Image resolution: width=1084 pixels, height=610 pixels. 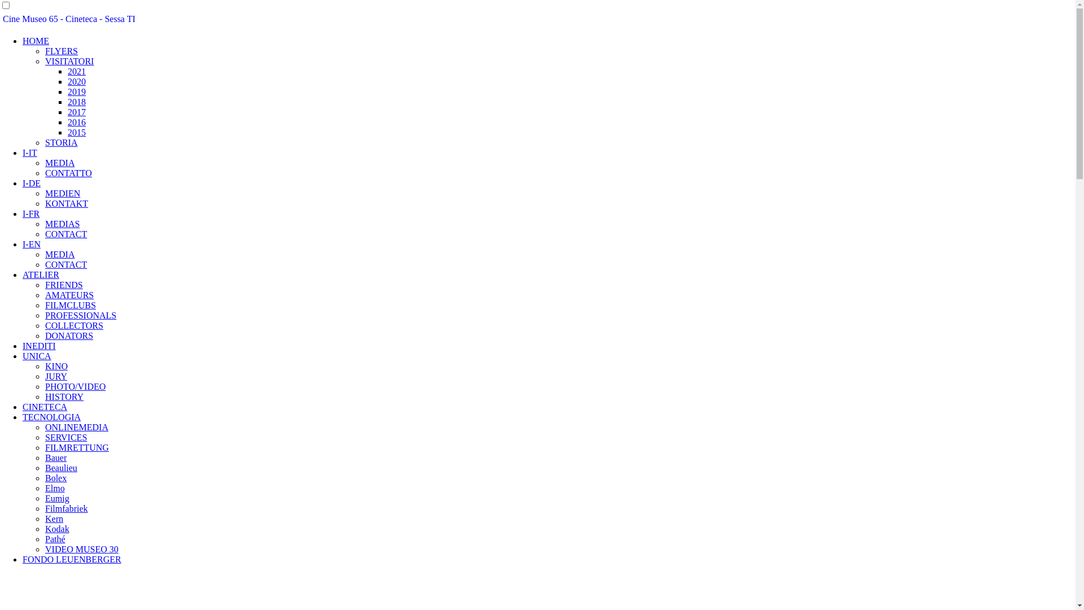 What do you see at coordinates (37, 356) in the screenshot?
I see `'UNICA'` at bounding box center [37, 356].